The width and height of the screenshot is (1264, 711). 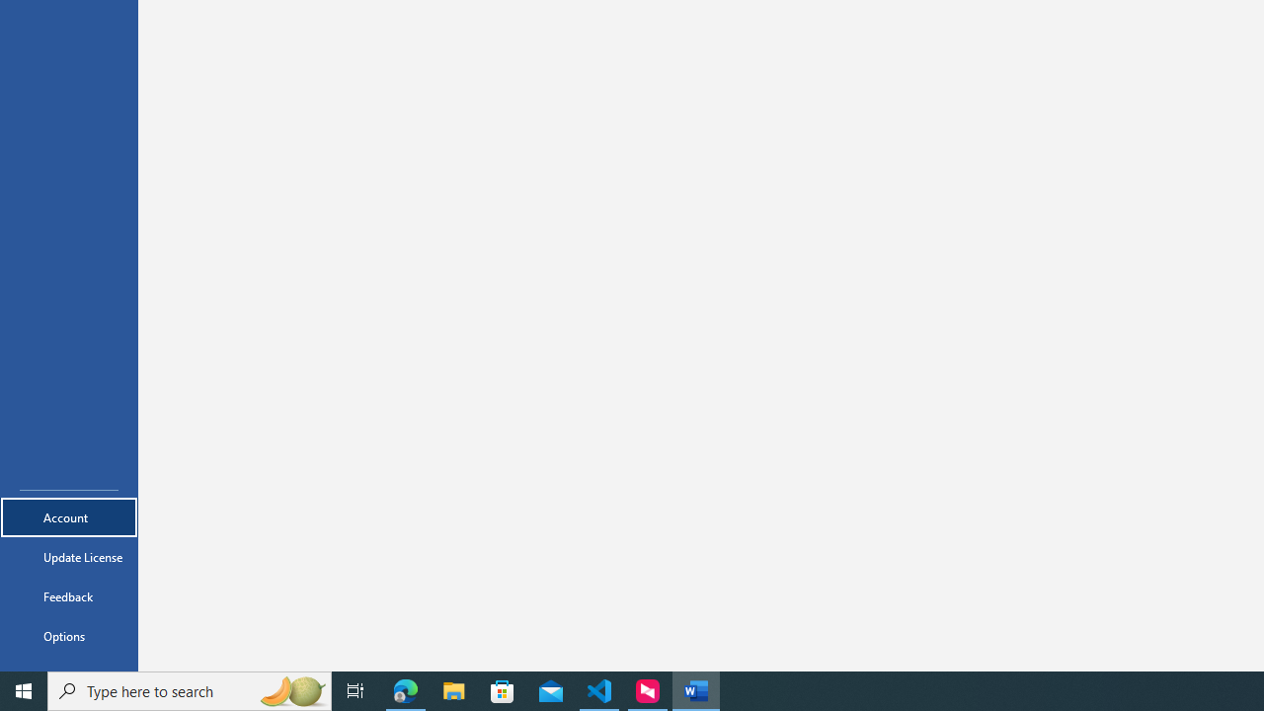 I want to click on 'Options', so click(x=68, y=636).